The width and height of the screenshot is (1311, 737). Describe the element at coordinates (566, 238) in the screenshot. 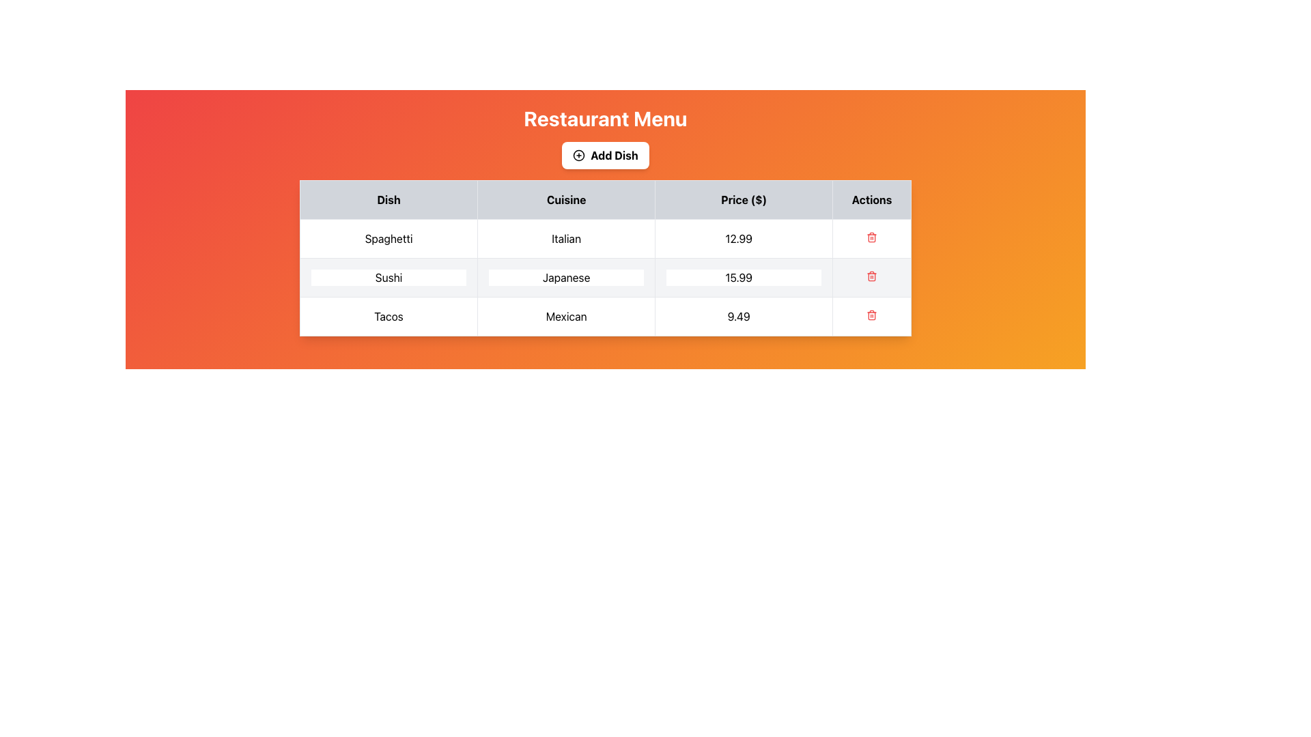

I see `on the text input field for cuisine type, currently displaying 'Italian', located in the second column labeled 'Cuisine' of the first row in the table` at that location.